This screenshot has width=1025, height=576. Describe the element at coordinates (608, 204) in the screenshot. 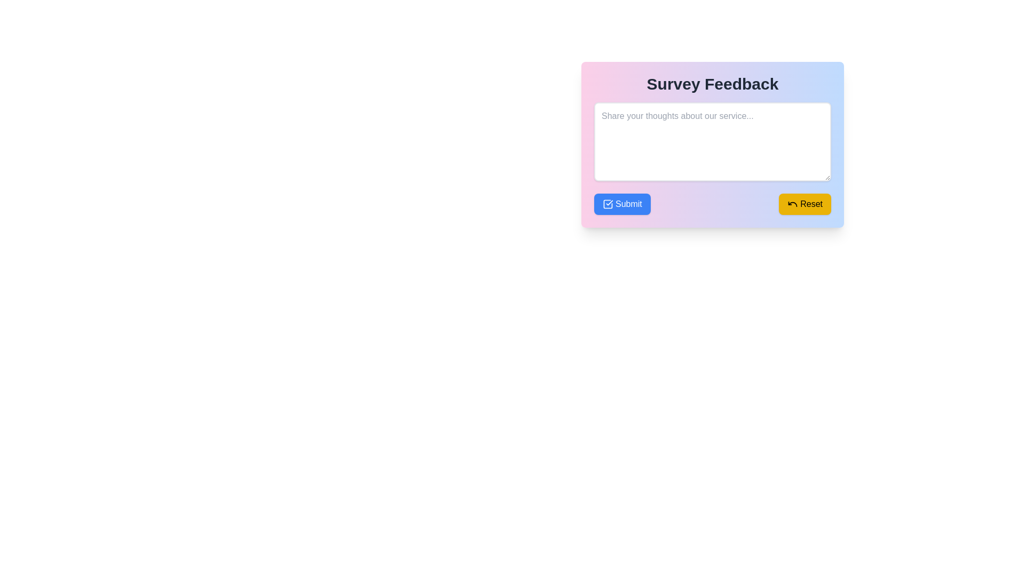

I see `the Decorative SVG element located at the center of the blue 'Submit' button, which serves as a symbolic indicator for the button's functionality` at that location.